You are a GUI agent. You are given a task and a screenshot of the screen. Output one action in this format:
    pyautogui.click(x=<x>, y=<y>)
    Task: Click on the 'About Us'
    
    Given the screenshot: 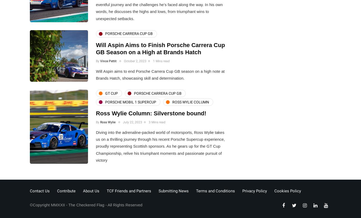 What is the action you would take?
    pyautogui.click(x=91, y=190)
    